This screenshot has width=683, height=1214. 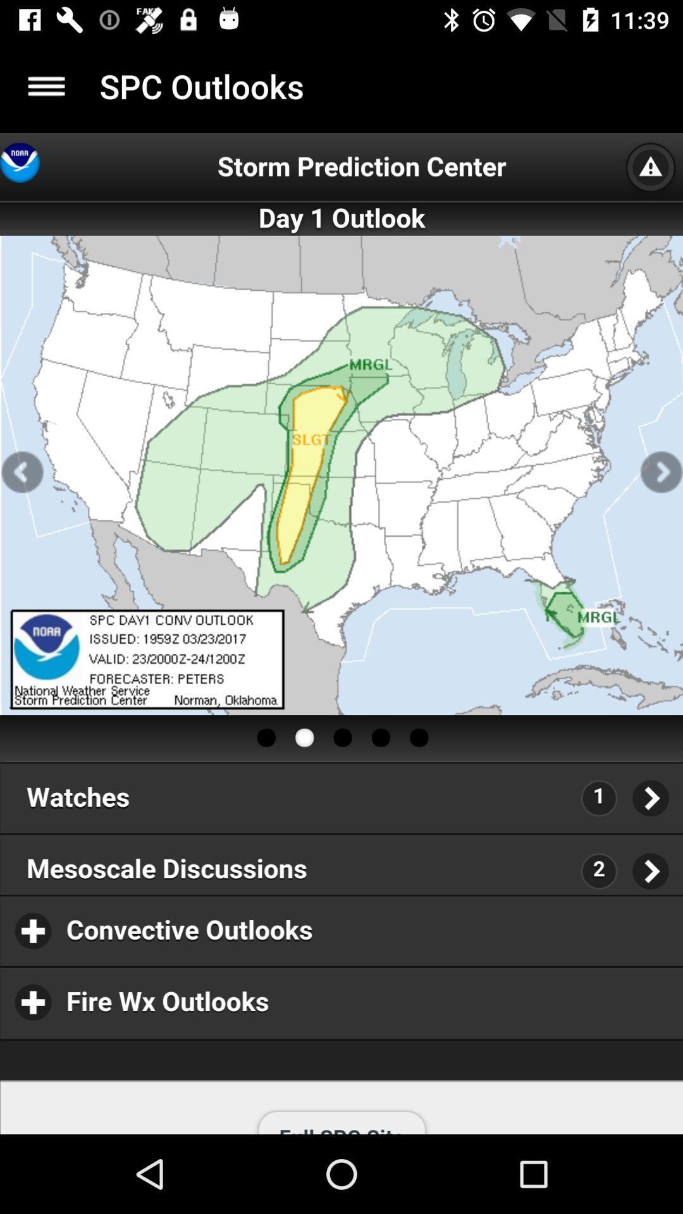 What do you see at coordinates (46, 85) in the screenshot?
I see `options` at bounding box center [46, 85].